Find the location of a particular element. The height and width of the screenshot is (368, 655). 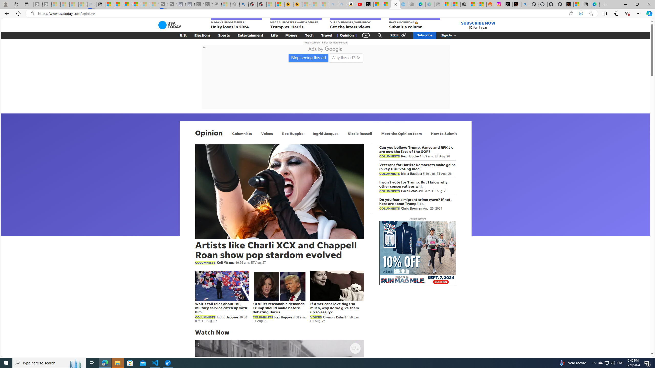

'Meet the Opinion team' is located at coordinates (401, 133).